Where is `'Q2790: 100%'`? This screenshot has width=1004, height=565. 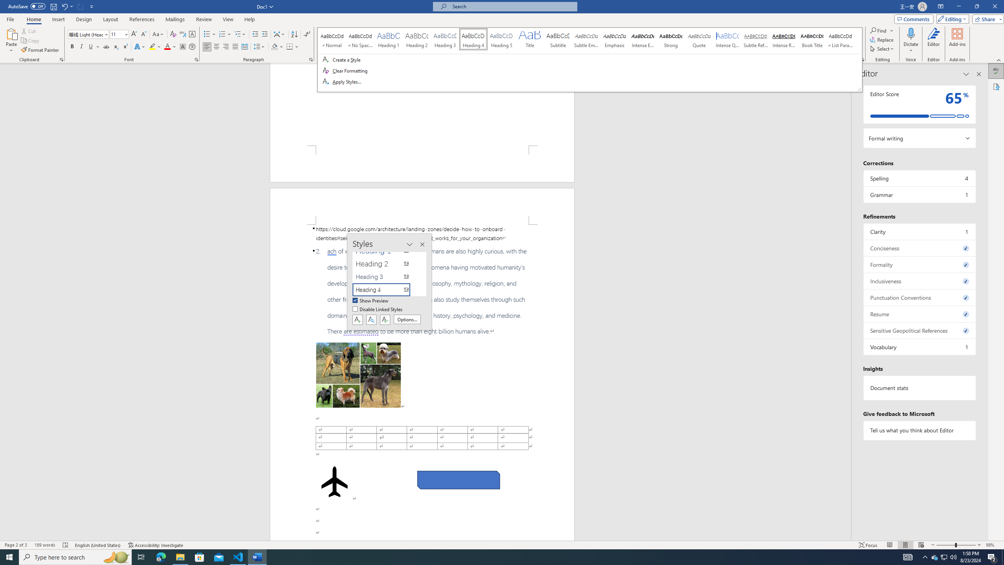
'Q2790: 100%' is located at coordinates (953, 556).